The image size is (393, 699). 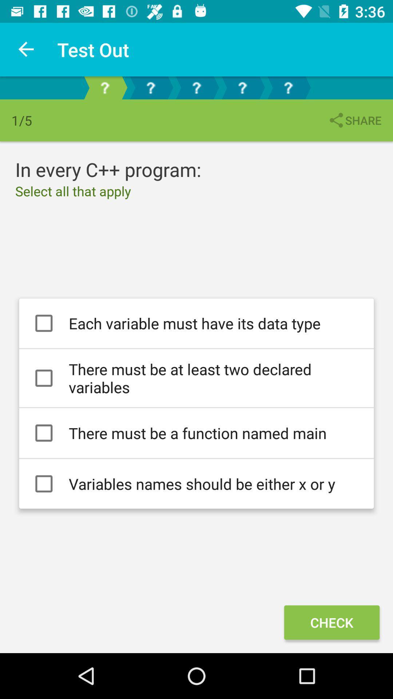 What do you see at coordinates (354, 120) in the screenshot?
I see `the item above the each variable must item` at bounding box center [354, 120].